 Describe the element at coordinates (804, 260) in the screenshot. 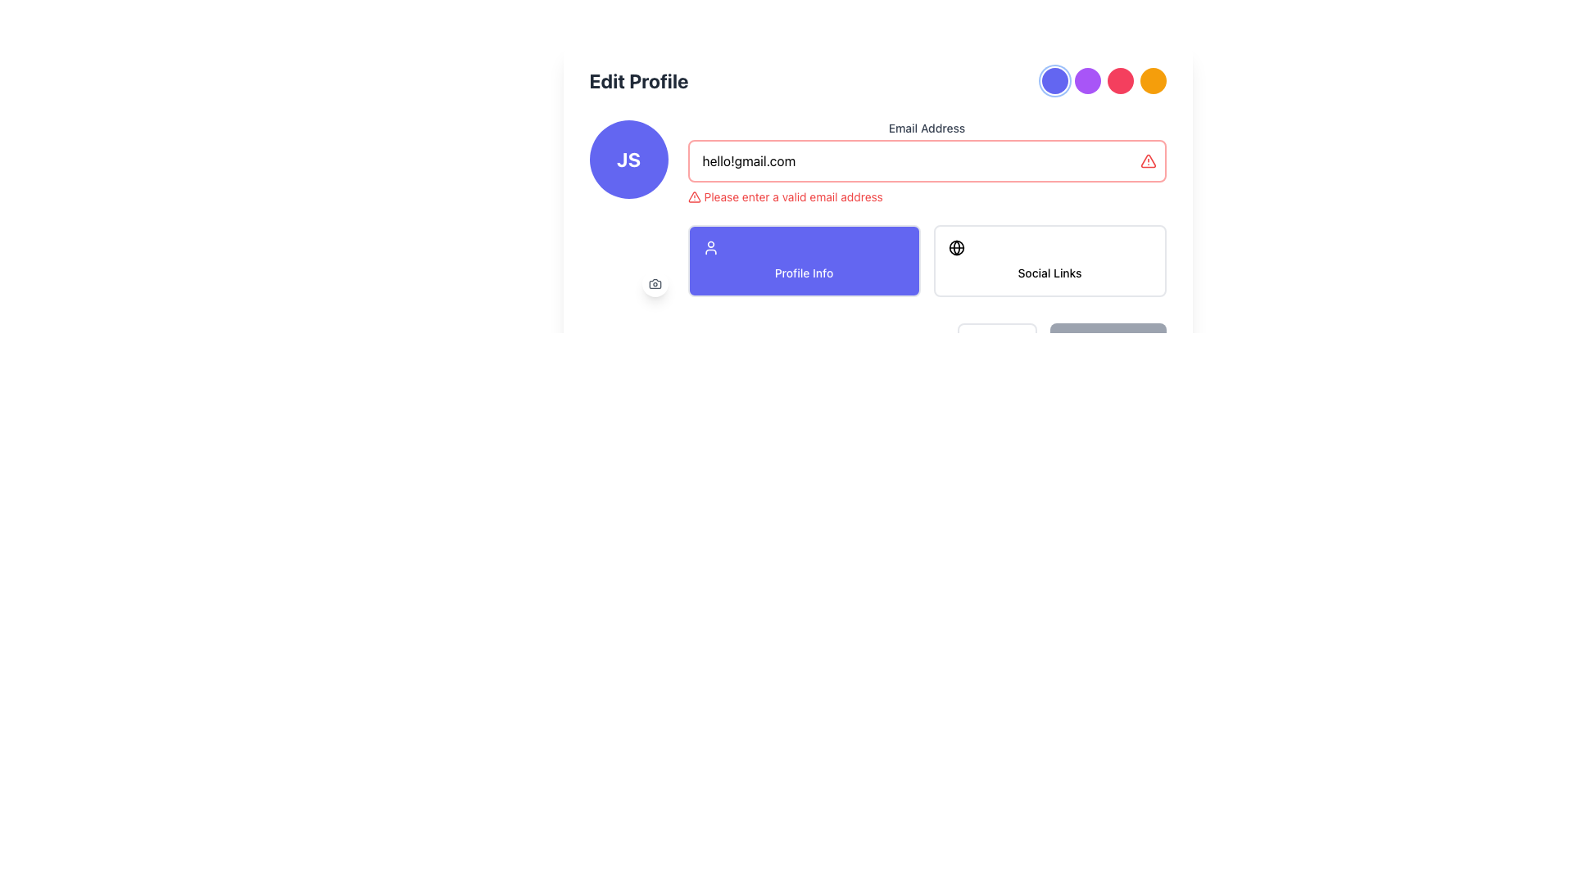

I see `the rectangular button with a blue background labeled 'Profile Info'` at that location.